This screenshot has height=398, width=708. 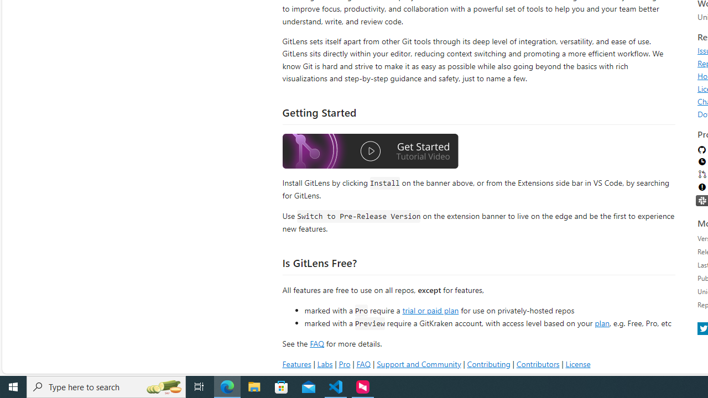 I want to click on 'plan', so click(x=601, y=323).